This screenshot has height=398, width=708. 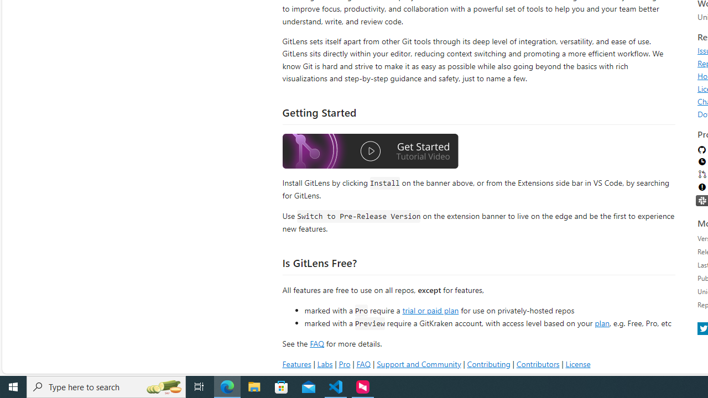 I want to click on 'plan', so click(x=601, y=323).